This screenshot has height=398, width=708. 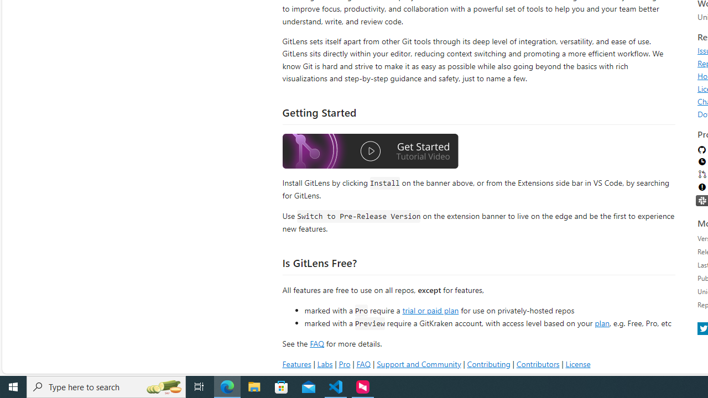 I want to click on 'plan', so click(x=601, y=323).